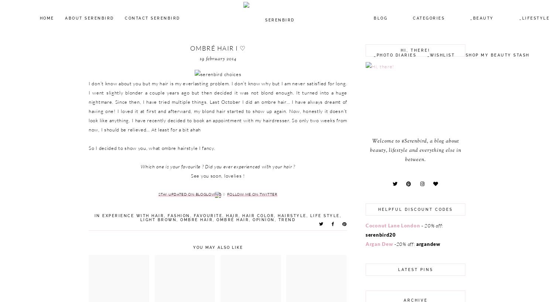  Describe the element at coordinates (98, 215) in the screenshot. I see `'in'` at that location.